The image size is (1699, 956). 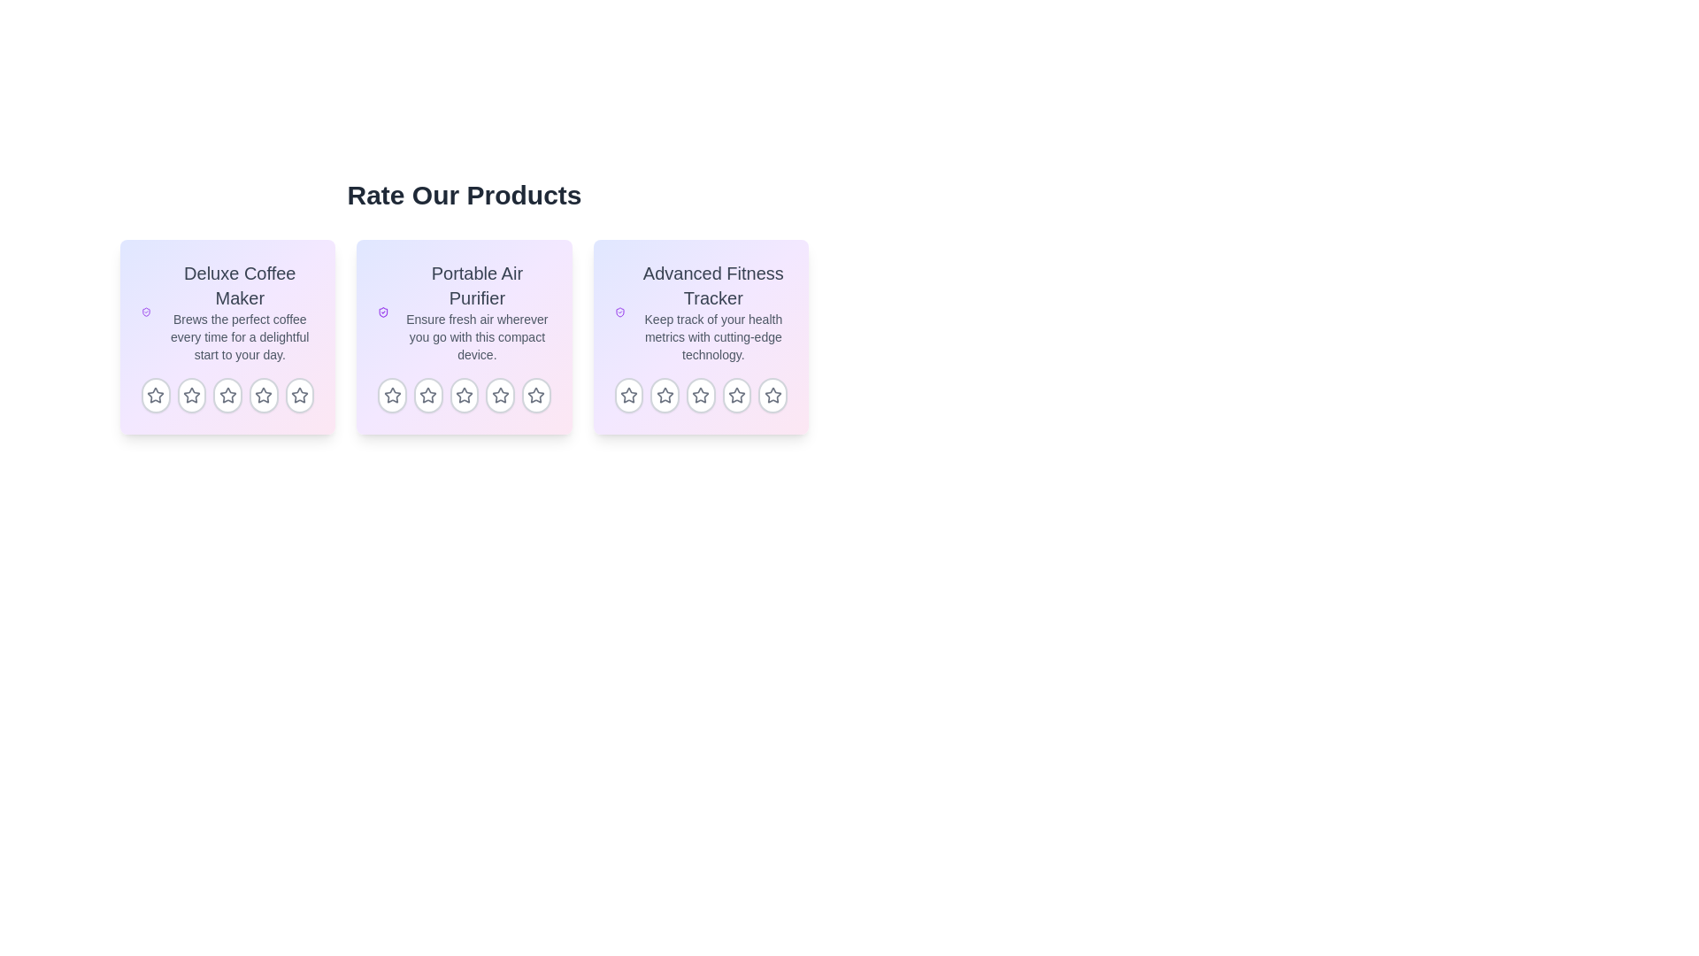 What do you see at coordinates (773, 395) in the screenshot?
I see `the fifth star in the rating system on the 'Advanced Fitness Tracker' card to rate the product` at bounding box center [773, 395].